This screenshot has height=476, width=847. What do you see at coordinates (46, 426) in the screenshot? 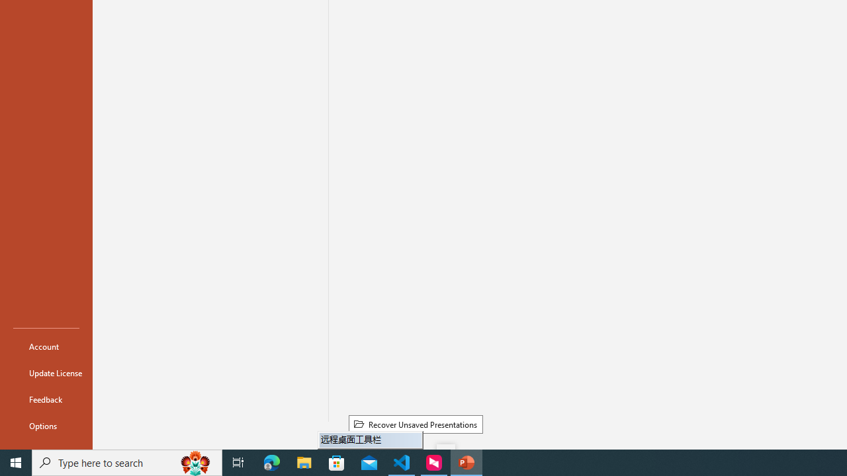
I see `'Options'` at bounding box center [46, 426].